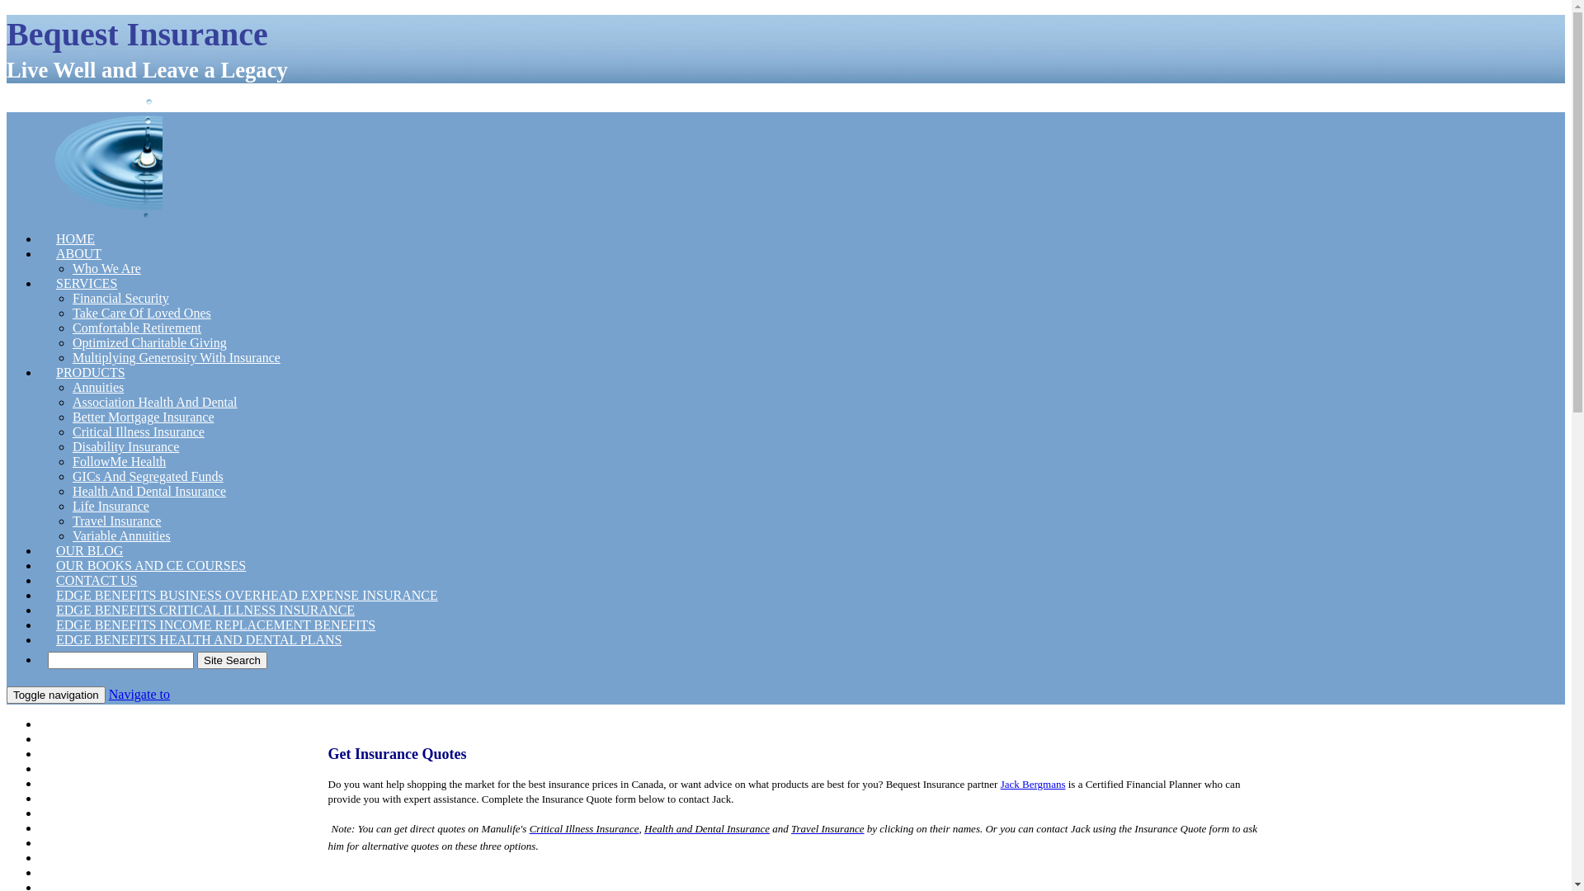  Describe the element at coordinates (707, 828) in the screenshot. I see `'Health and Dental Insurance'` at that location.